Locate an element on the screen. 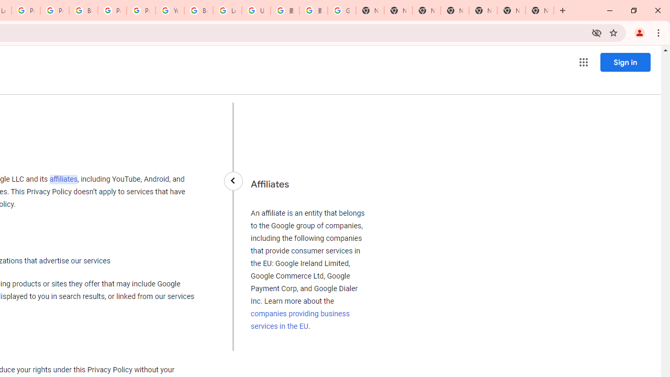  'companies providing business services in the EU' is located at coordinates (299, 319).